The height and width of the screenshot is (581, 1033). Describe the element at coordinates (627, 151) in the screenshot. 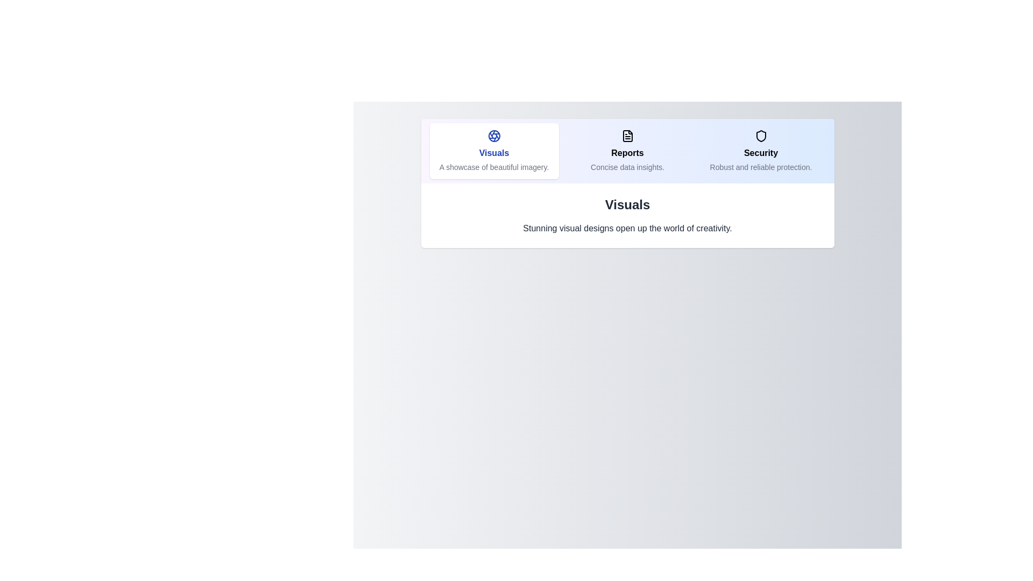

I see `the tab labeled Reports to preview its interaction effect` at that location.